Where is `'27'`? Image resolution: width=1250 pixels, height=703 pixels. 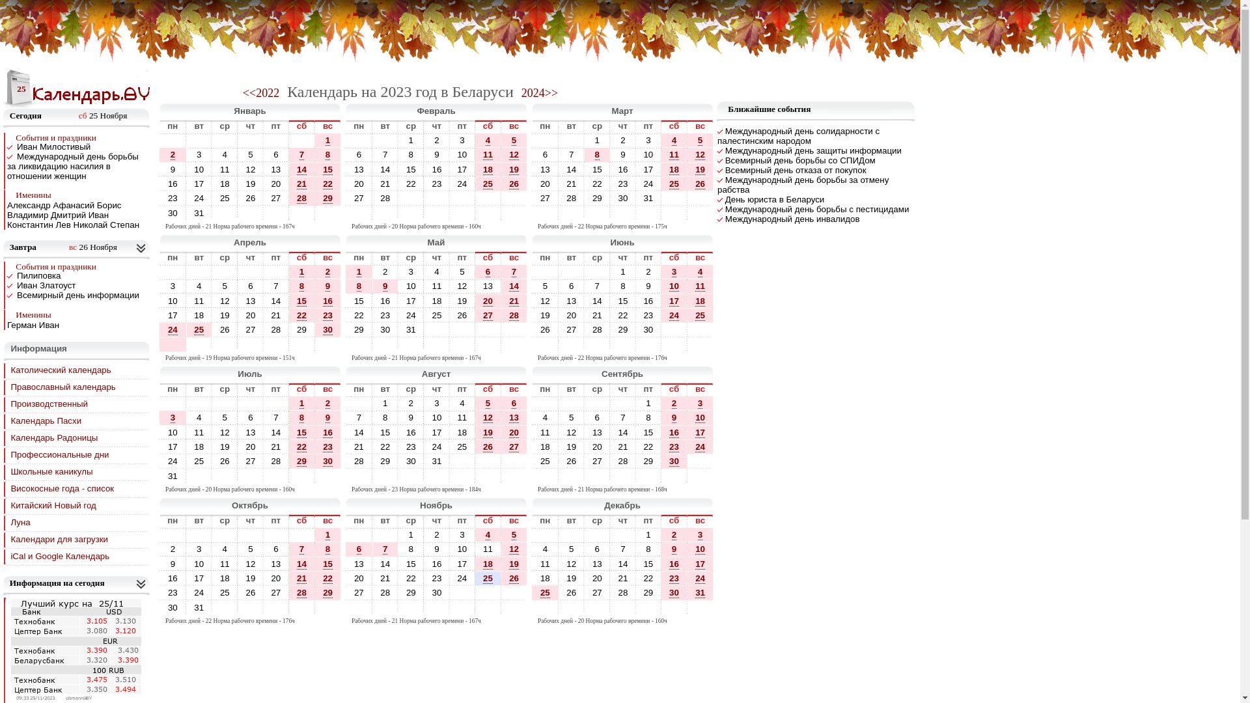
'27' is located at coordinates (572, 329).